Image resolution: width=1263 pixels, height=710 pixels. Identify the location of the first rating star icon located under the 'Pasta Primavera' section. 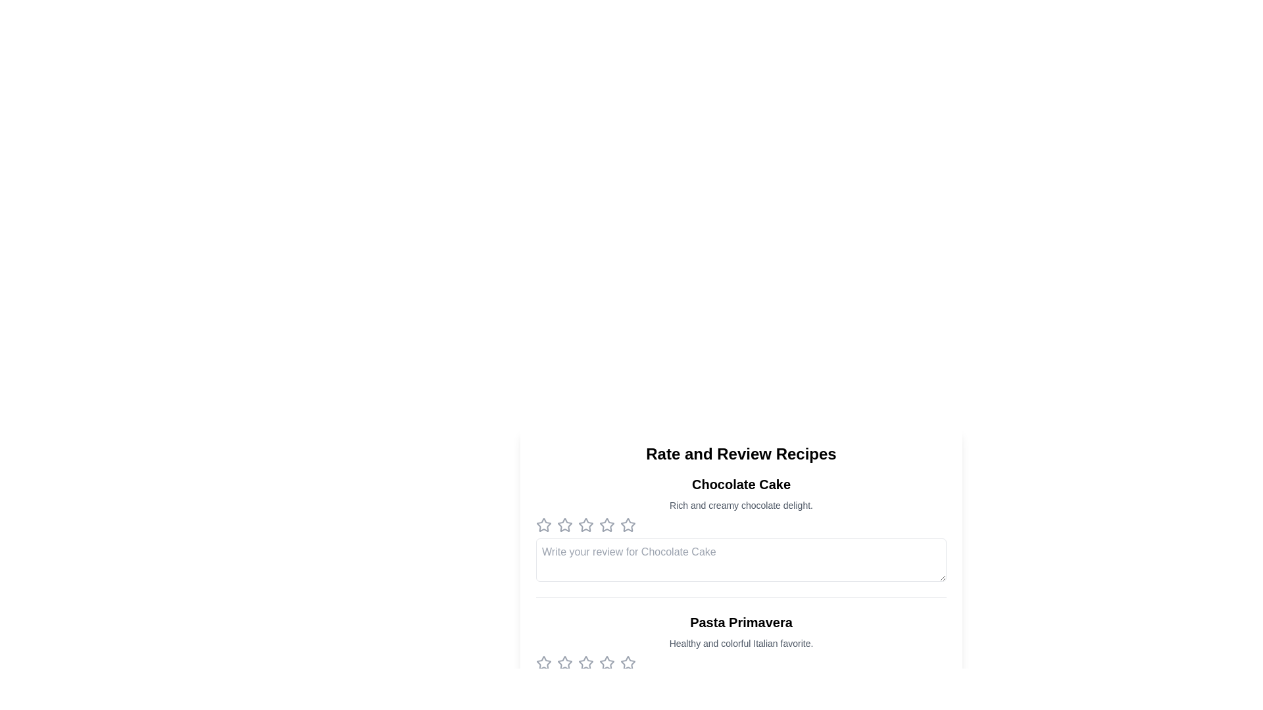
(585, 663).